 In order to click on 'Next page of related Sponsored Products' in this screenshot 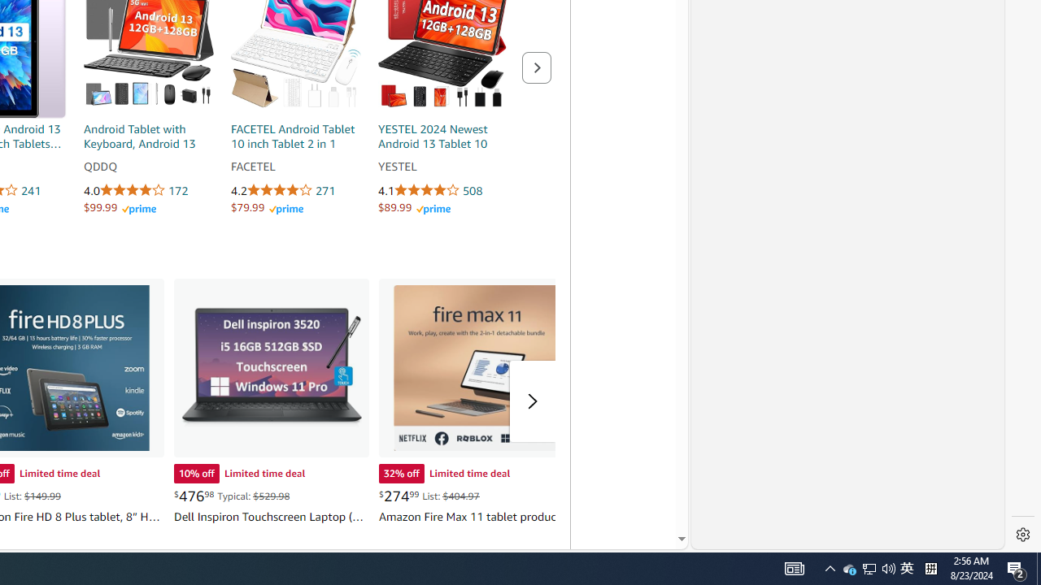, I will do `click(537, 67)`.